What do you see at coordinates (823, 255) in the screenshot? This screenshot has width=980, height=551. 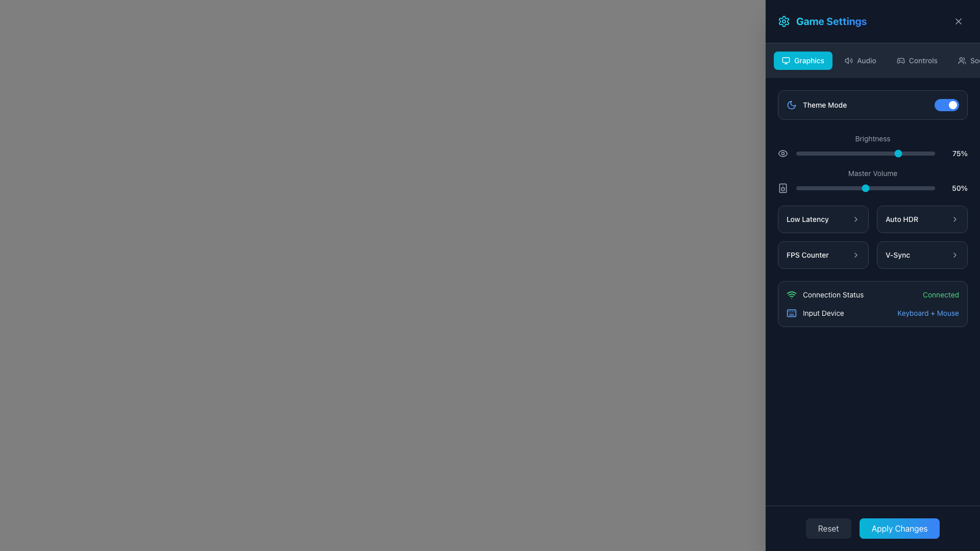 I see `the 'FPS Counter' button located on the right panel under the Graphics category` at bounding box center [823, 255].